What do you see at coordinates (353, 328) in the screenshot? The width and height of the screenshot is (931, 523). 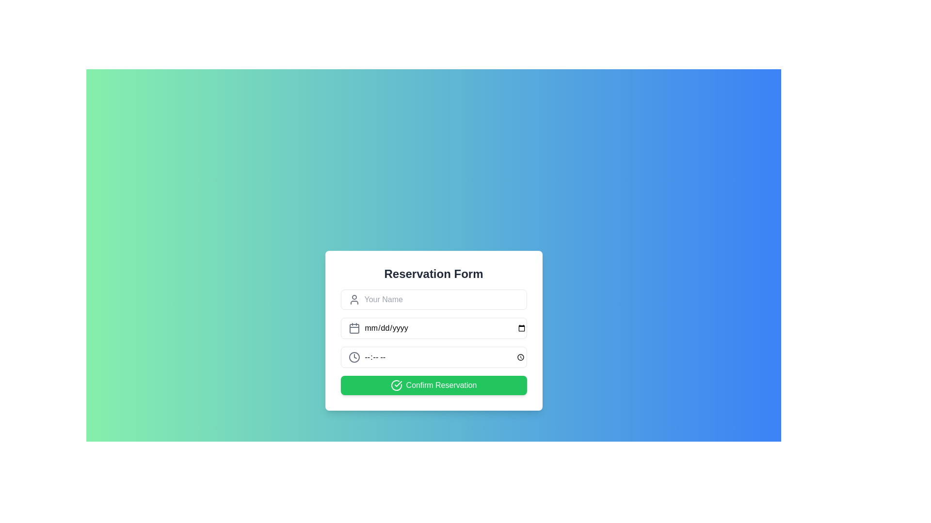 I see `the calendar icon located to the left side of the date input field, which serves as a visual indicator for selecting a date` at bounding box center [353, 328].